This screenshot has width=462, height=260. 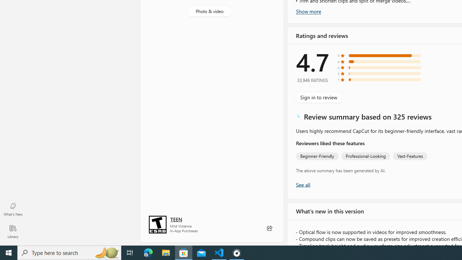 I want to click on 'Photo & video', so click(x=209, y=11).